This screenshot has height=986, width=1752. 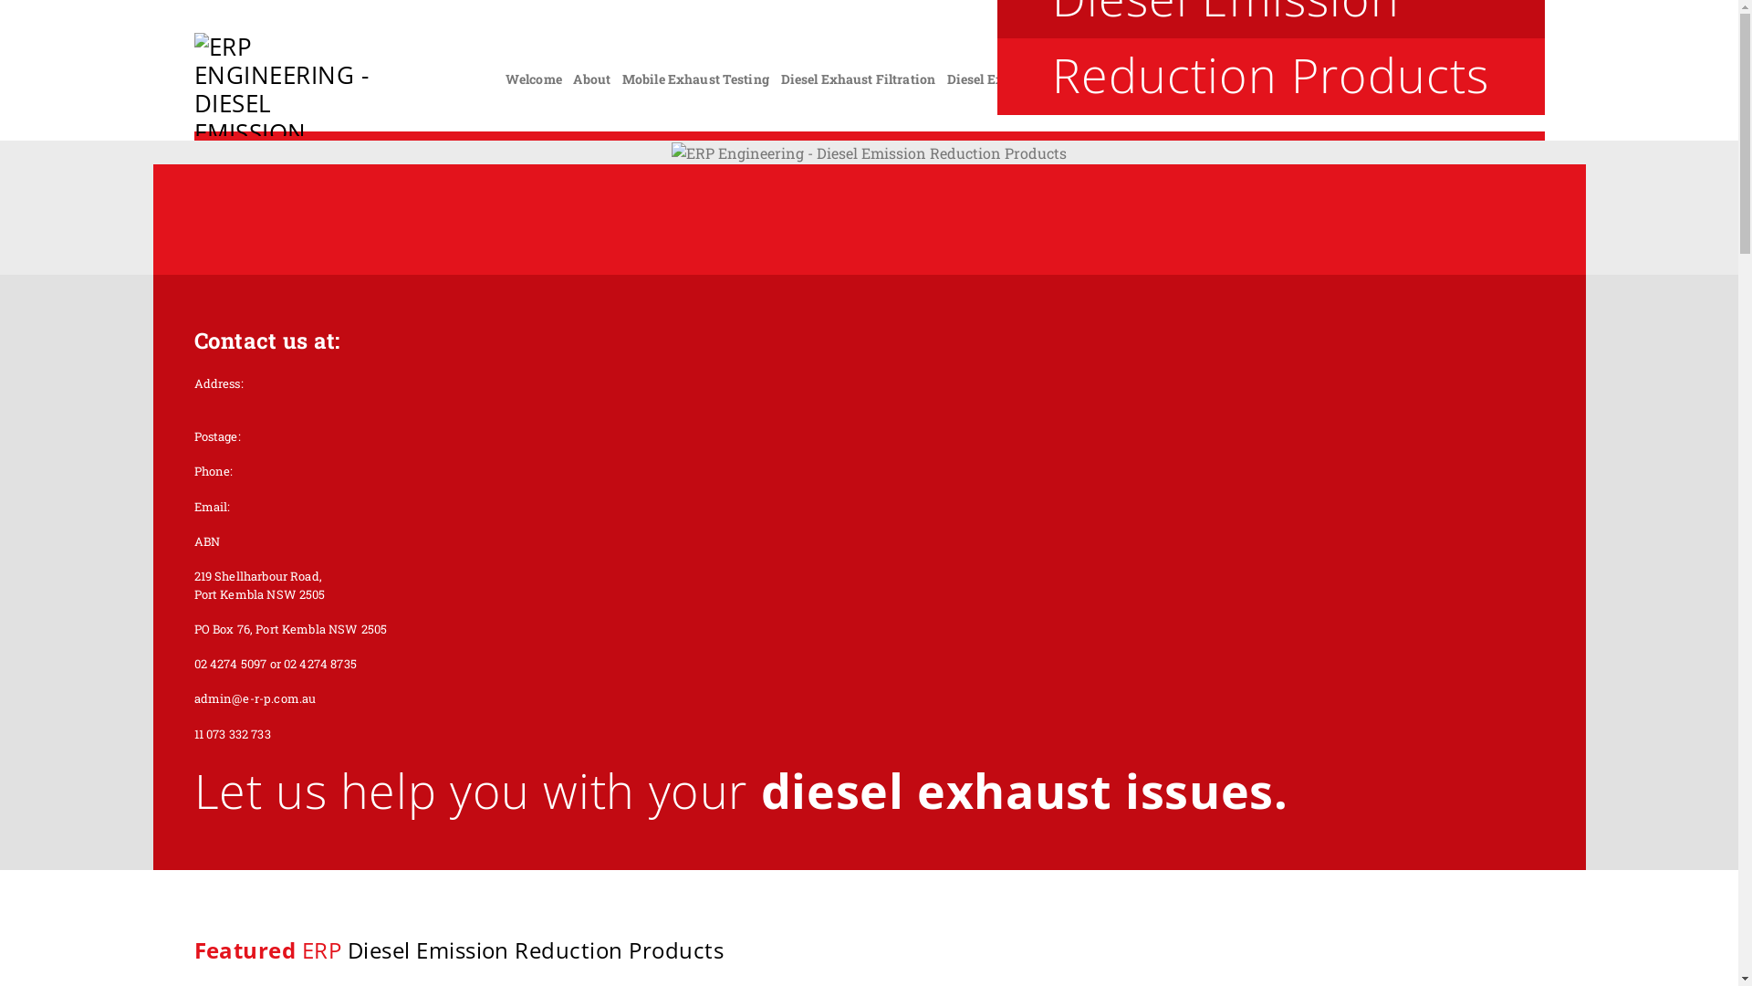 I want to click on 'About', so click(x=591, y=79).